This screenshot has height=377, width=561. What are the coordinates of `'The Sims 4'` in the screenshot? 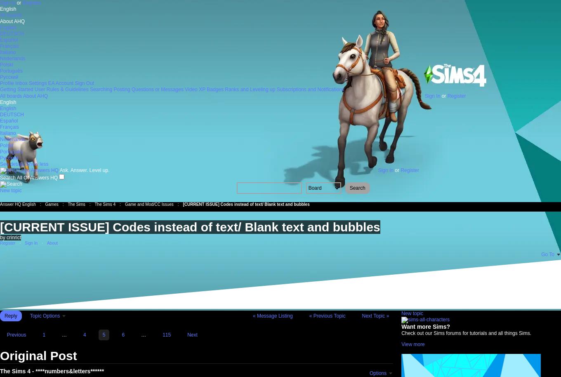 It's located at (94, 204).